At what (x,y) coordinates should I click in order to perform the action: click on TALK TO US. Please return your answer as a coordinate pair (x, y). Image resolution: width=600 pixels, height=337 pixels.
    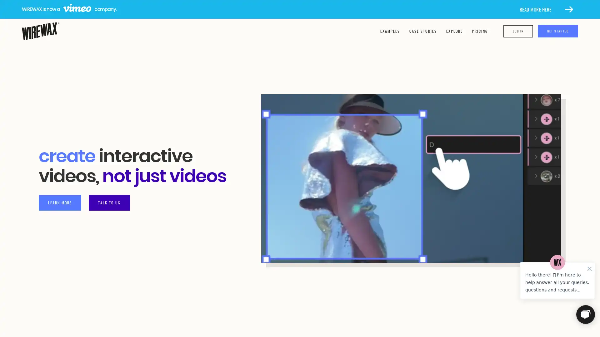
    Looking at the image, I should click on (109, 202).